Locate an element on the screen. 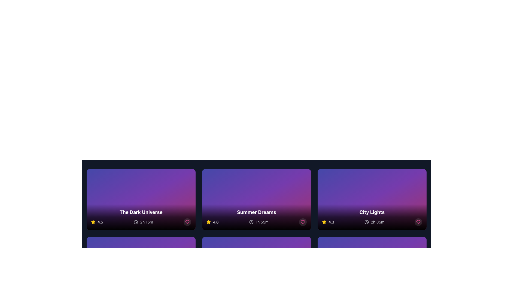 Image resolution: width=523 pixels, height=294 pixels. the duration label of the 'Summer Dreams' card, which is located in the lower right section, to assist in decision-making regarding the movie's time commitment is located at coordinates (262, 222).